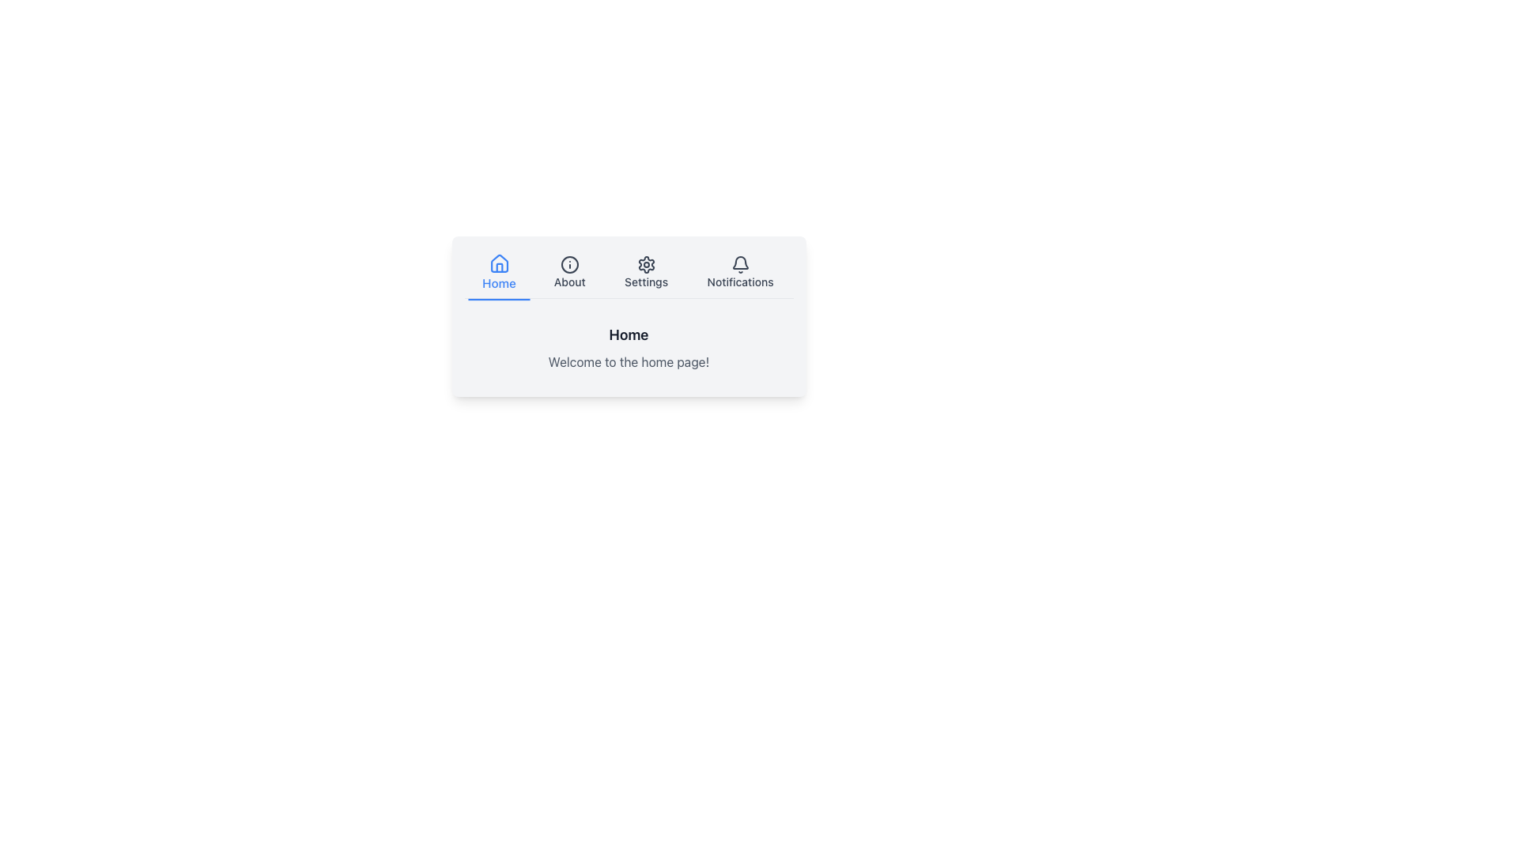 The image size is (1518, 854). Describe the element at coordinates (569, 273) in the screenshot. I see `the 'About' button, which features an 'i' icon above the text, located centrally in the navigation bar` at that location.